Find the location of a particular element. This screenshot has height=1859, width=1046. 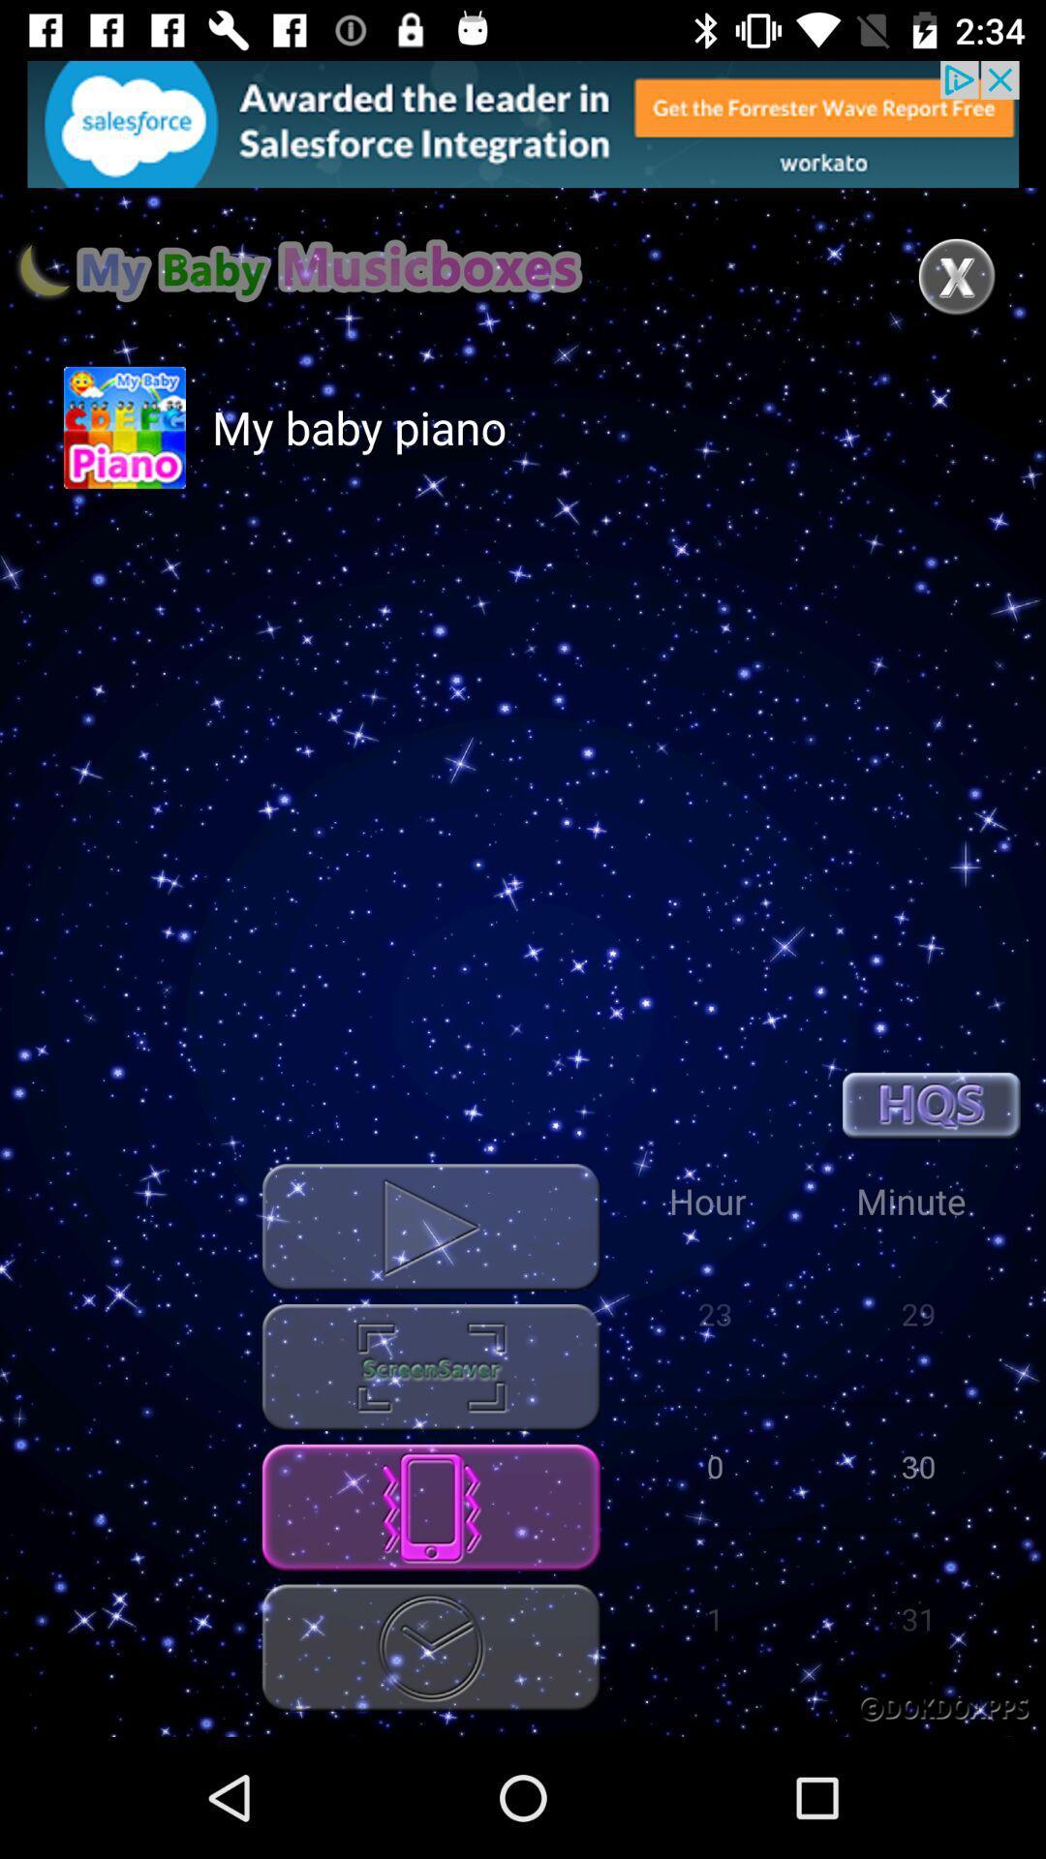

the button above mobile symbol is located at coordinates (430, 1366).